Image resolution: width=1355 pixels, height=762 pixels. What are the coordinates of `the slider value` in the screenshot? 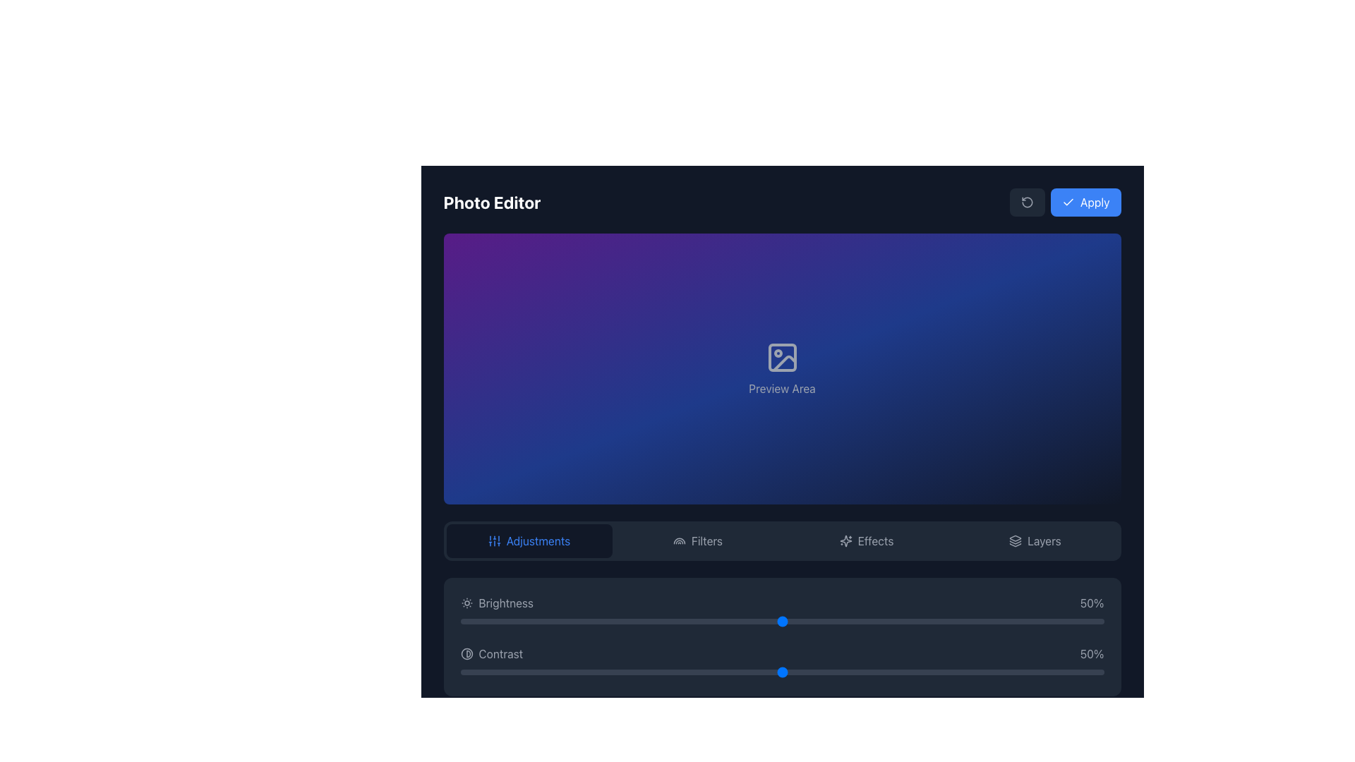 It's located at (994, 620).